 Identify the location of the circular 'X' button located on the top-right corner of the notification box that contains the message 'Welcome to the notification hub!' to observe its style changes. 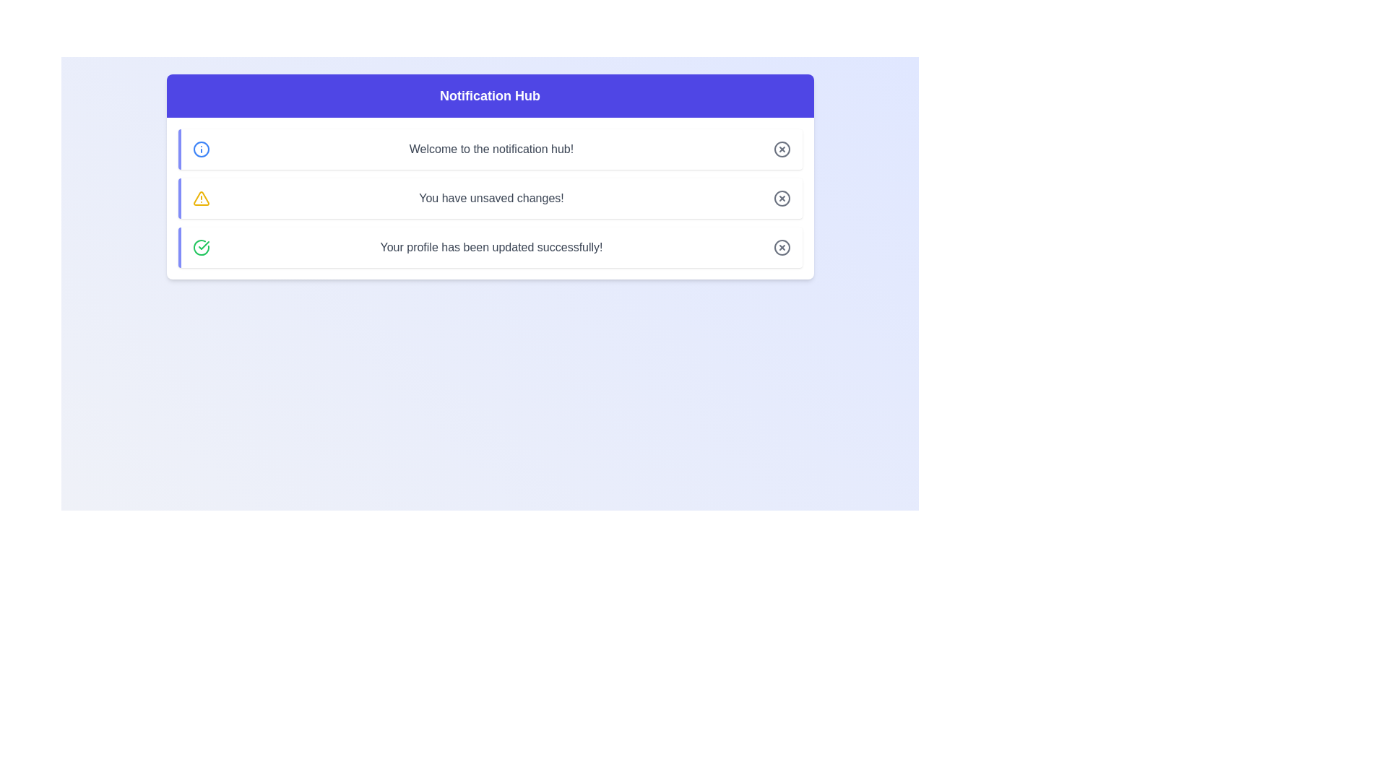
(781, 149).